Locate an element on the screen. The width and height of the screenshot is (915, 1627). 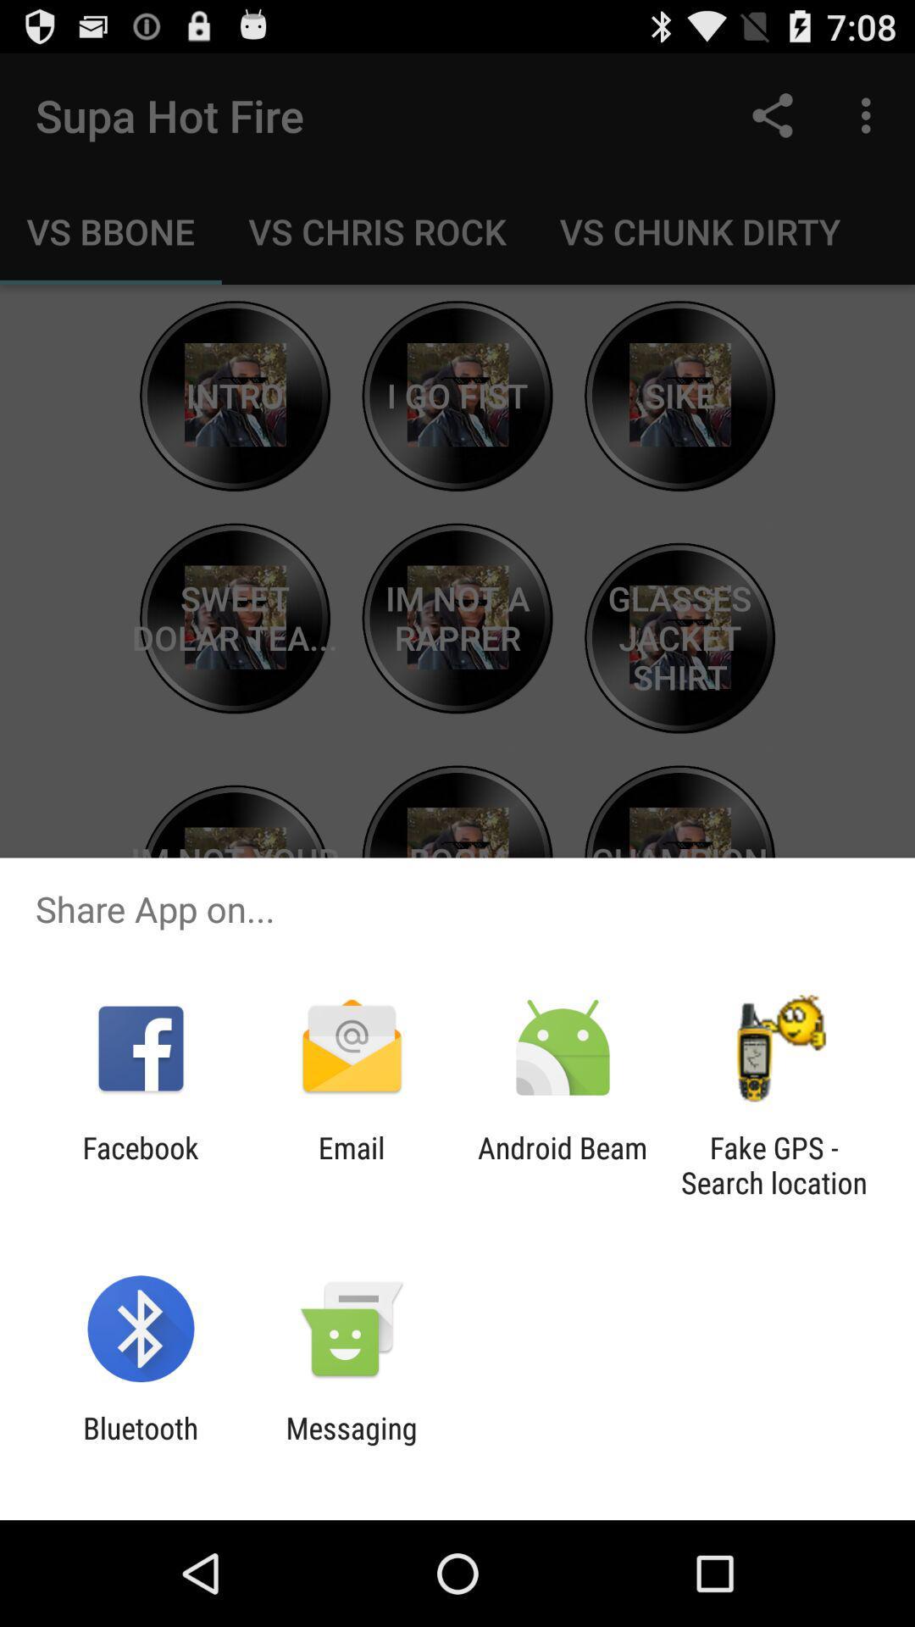
bluetooth icon is located at coordinates (140, 1445).